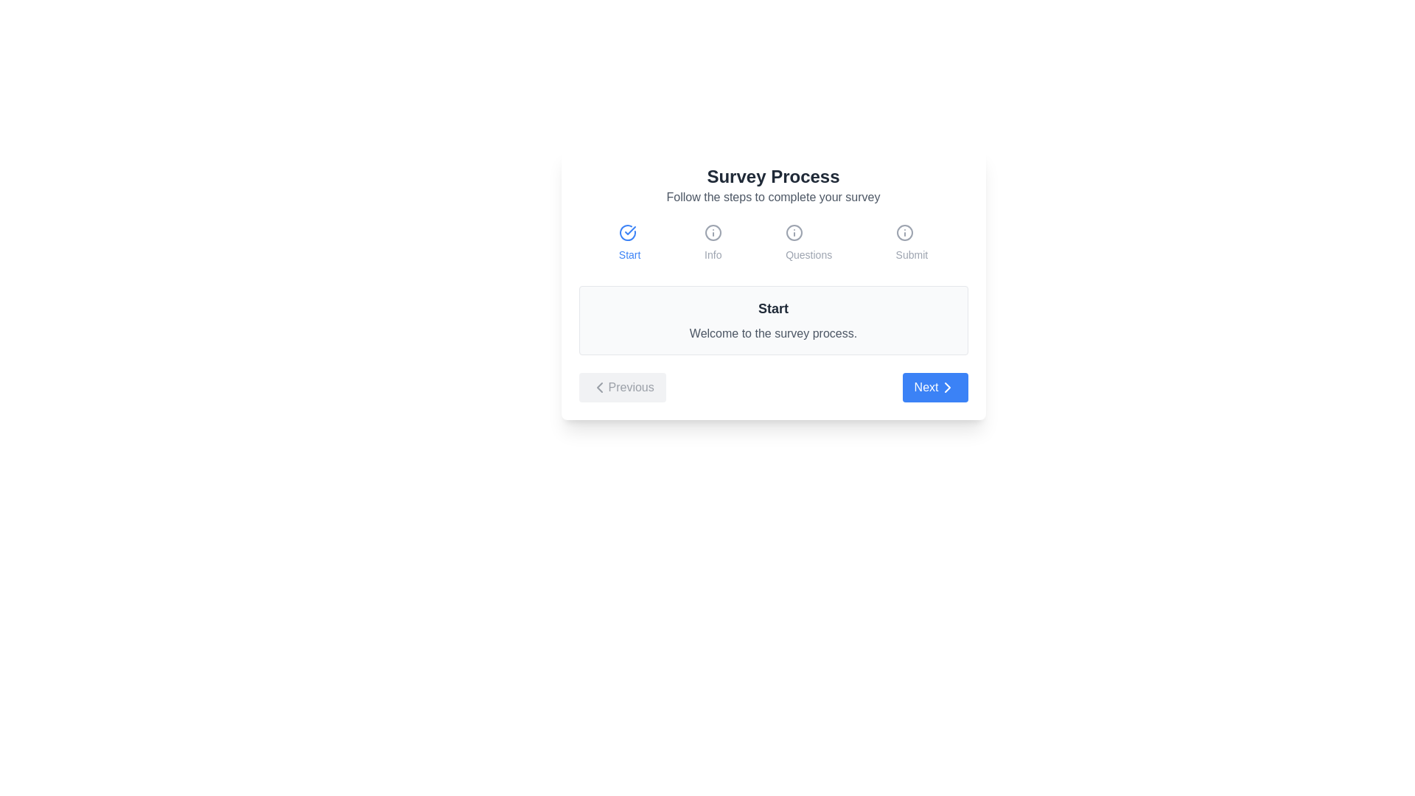  I want to click on the text label displaying 'Start', which is styled in blue and positioned below a checkmark icon in the step-by-step process interface, so click(629, 254).